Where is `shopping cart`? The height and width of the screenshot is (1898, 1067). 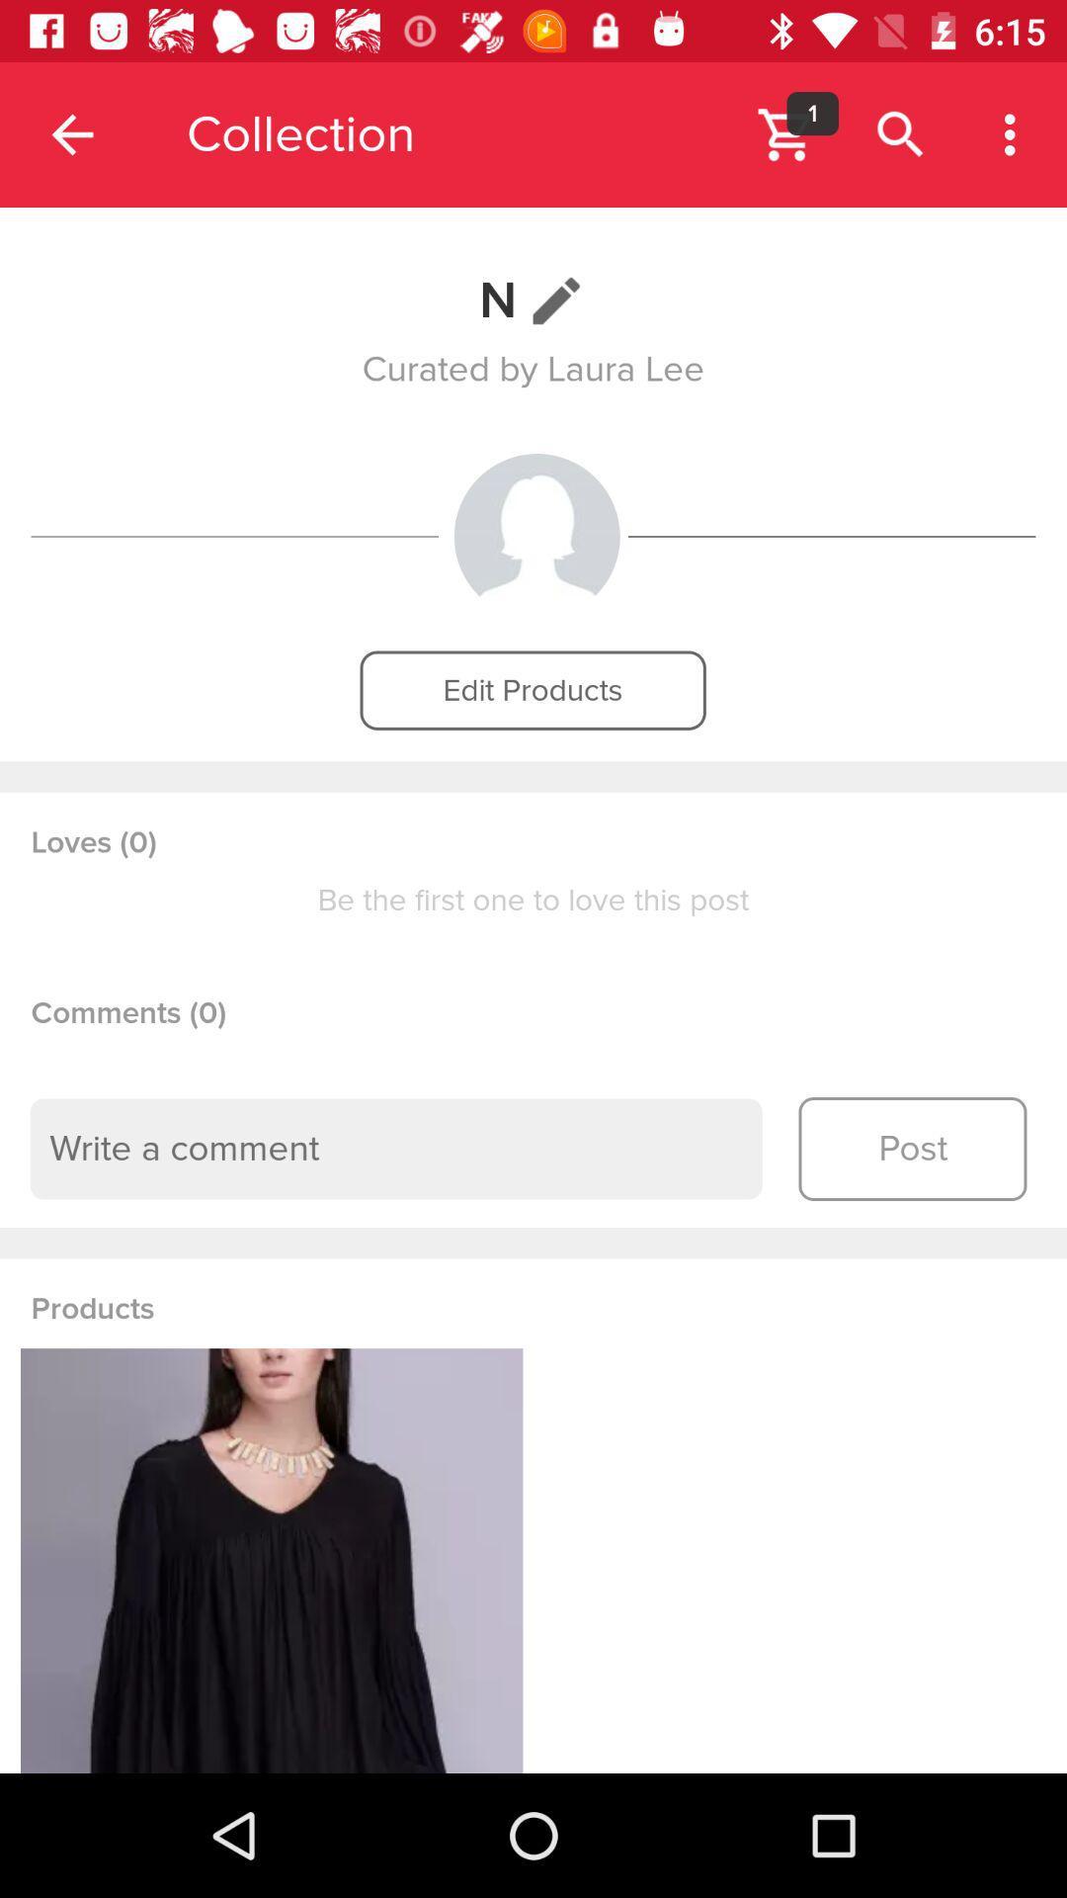
shopping cart is located at coordinates (785, 133).